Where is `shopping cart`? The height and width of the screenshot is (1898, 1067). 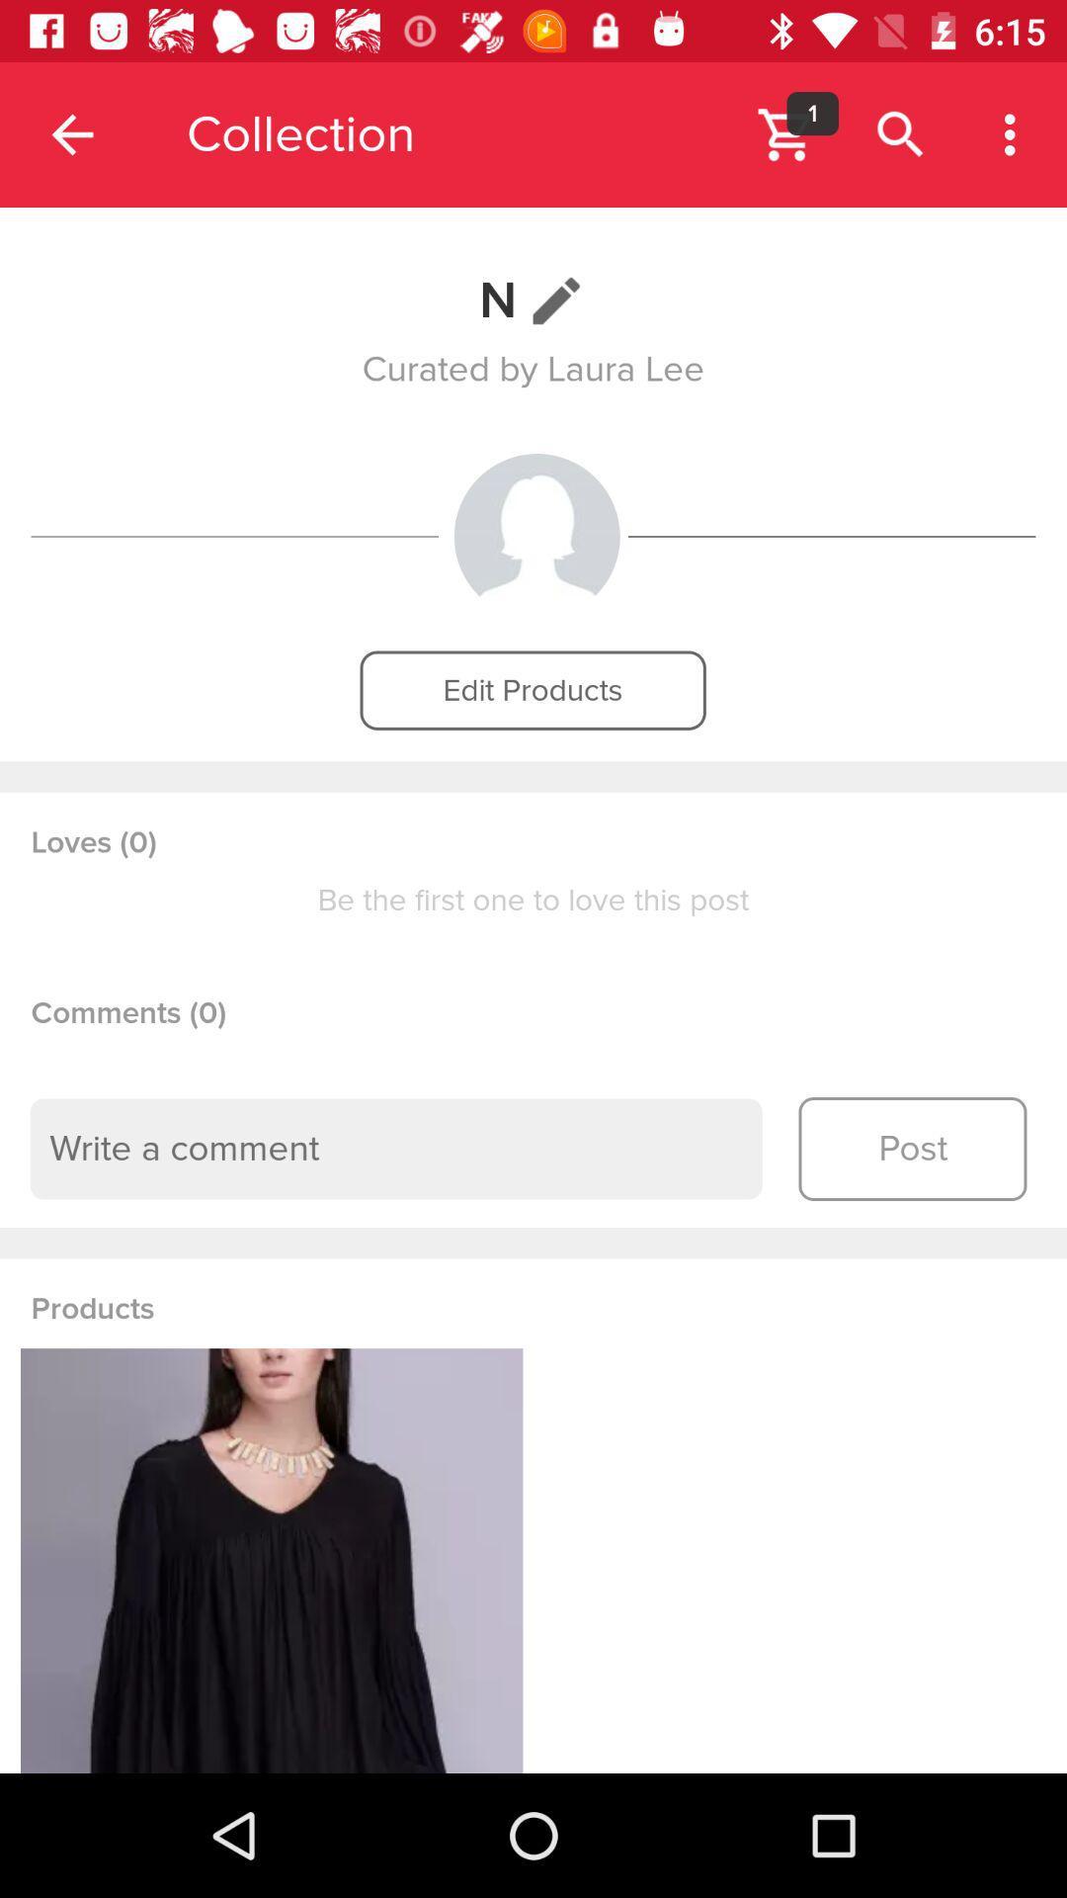
shopping cart is located at coordinates (785, 133).